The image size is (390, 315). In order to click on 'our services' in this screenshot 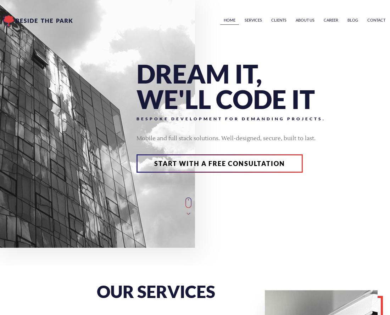, I will do `click(156, 291)`.